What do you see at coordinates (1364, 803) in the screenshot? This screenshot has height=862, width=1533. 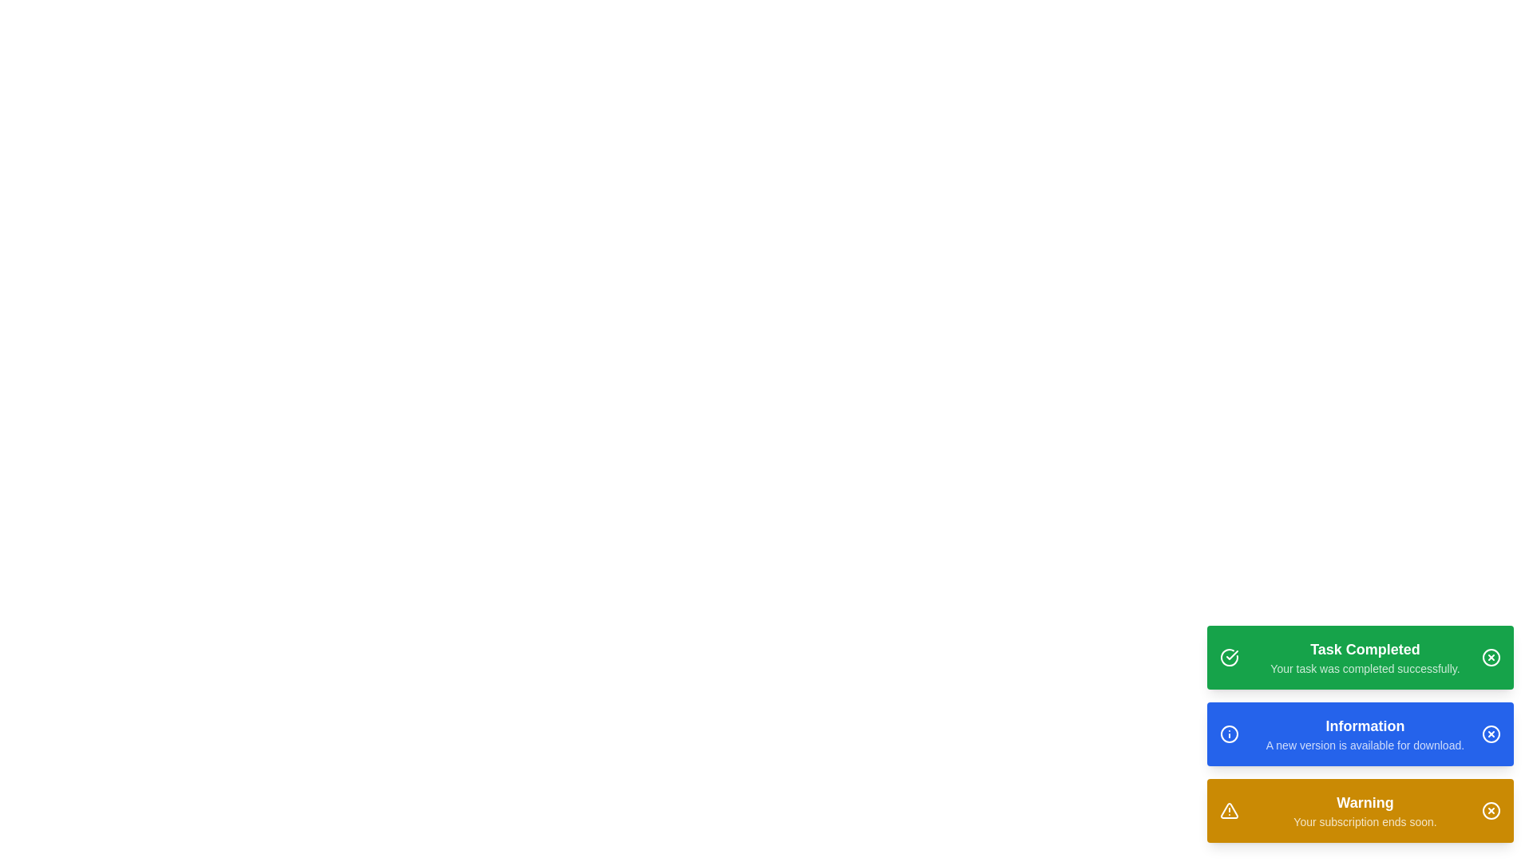 I see `the 'Warning' text displayed in bold on an orange background, located in the bottom notification panel` at bounding box center [1364, 803].